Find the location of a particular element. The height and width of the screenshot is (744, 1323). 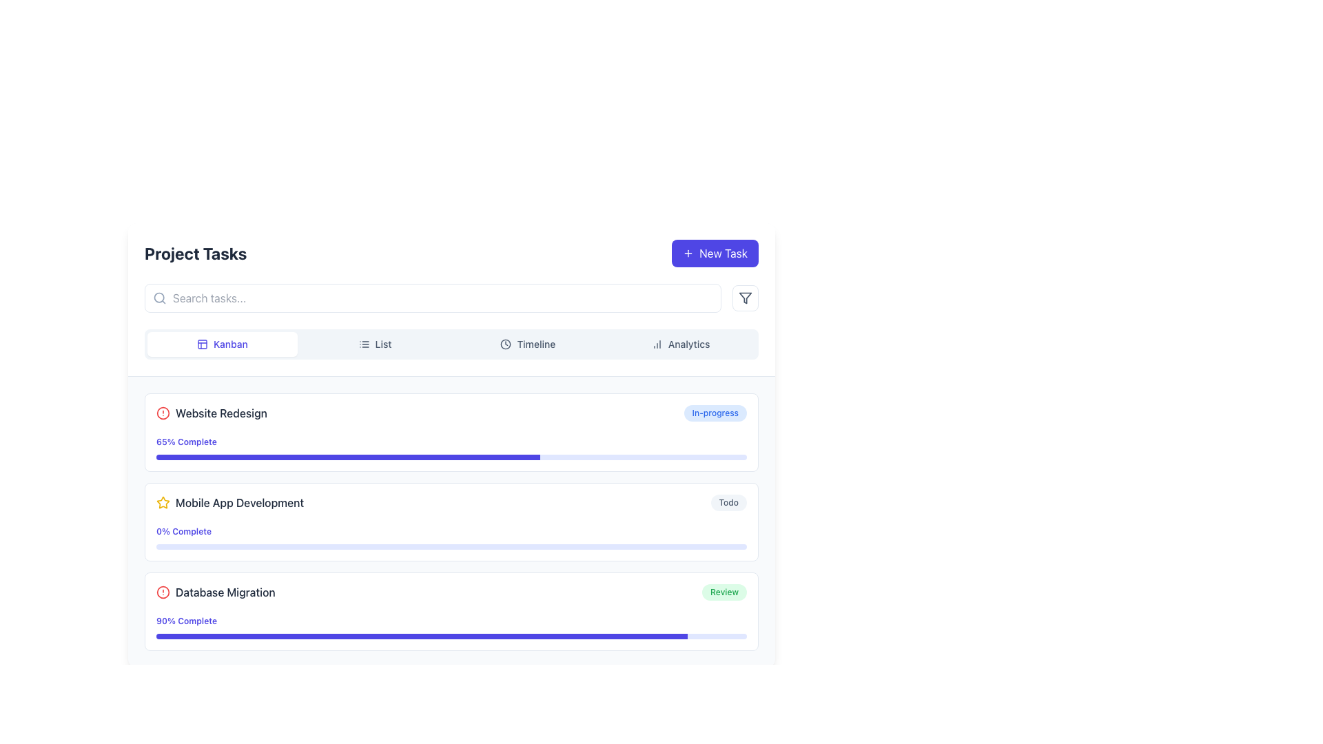

the third segmented button in the navigation bar labeled 'Timeline' which is located near the top center of the interface is located at coordinates (451, 344).